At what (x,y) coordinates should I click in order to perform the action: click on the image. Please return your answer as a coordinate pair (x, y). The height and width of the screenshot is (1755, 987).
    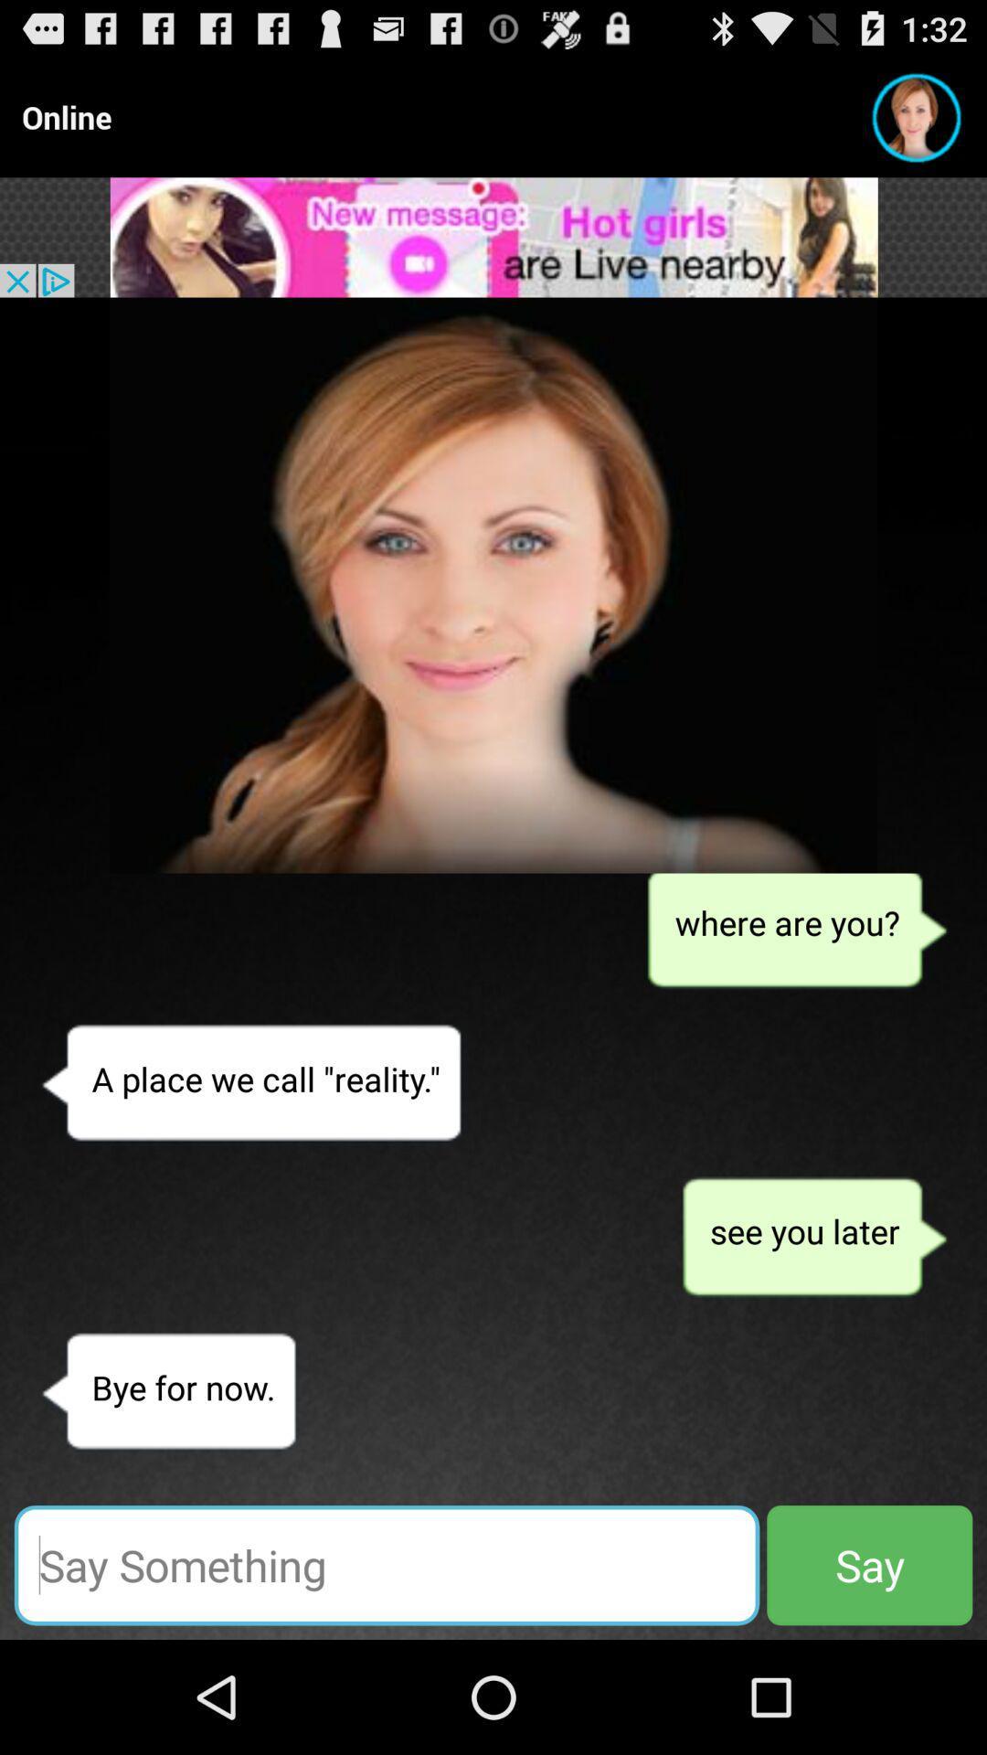
    Looking at the image, I should click on (493, 585).